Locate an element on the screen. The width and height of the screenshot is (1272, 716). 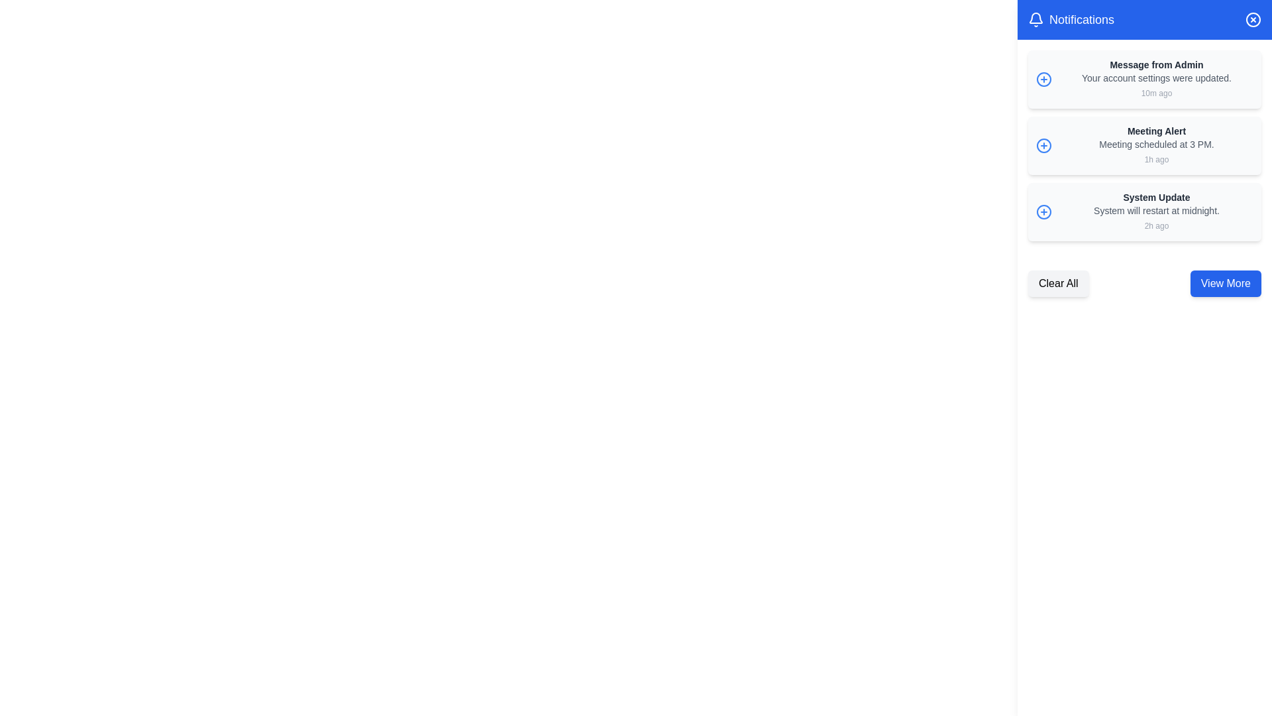
text from the 'Meeting Alert' label, which is styled in bold with a small font size and dark gray color, located at the top of the notification card is located at coordinates (1156, 131).